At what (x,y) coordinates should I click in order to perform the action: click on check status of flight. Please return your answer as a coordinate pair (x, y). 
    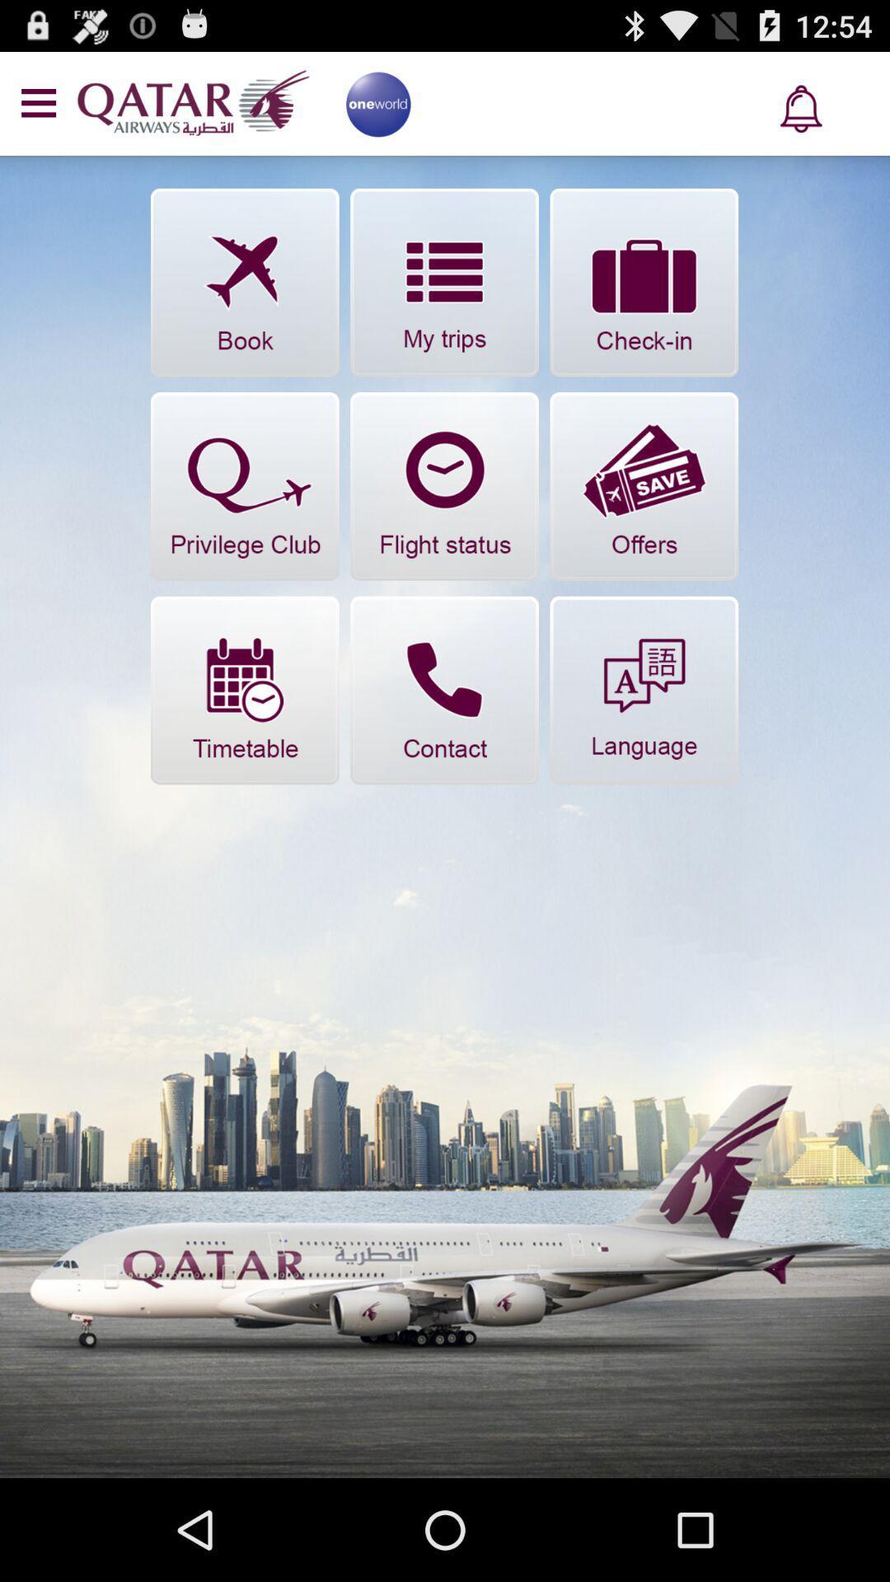
    Looking at the image, I should click on (443, 485).